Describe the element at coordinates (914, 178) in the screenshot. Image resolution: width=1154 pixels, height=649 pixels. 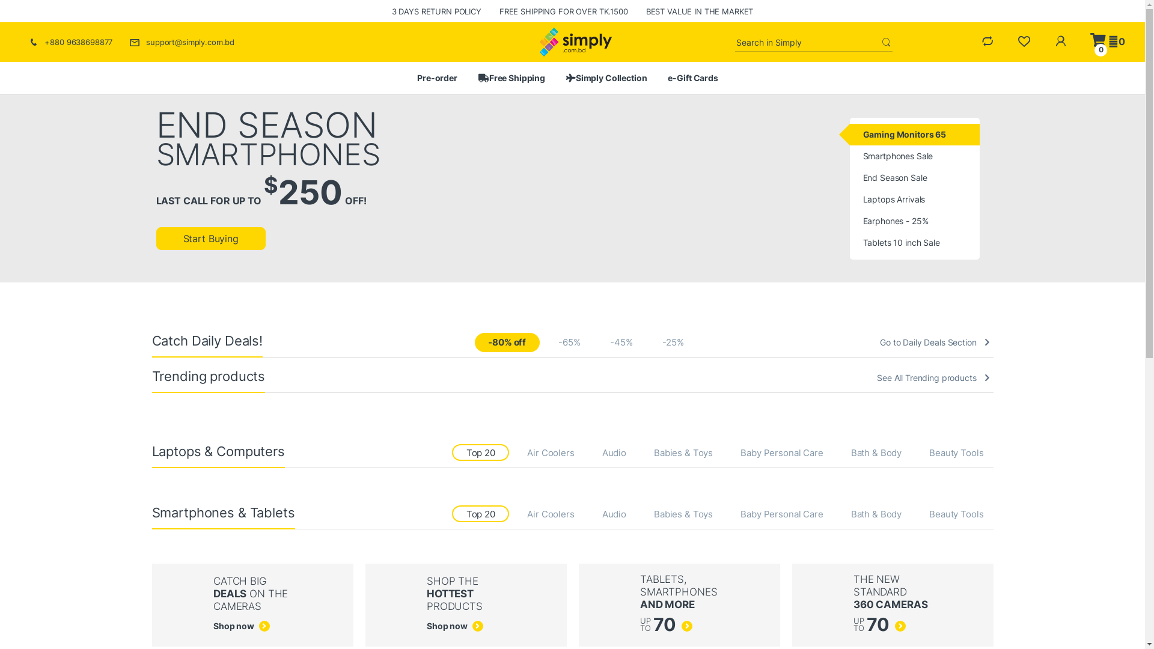
I see `'End Season Sale'` at that location.